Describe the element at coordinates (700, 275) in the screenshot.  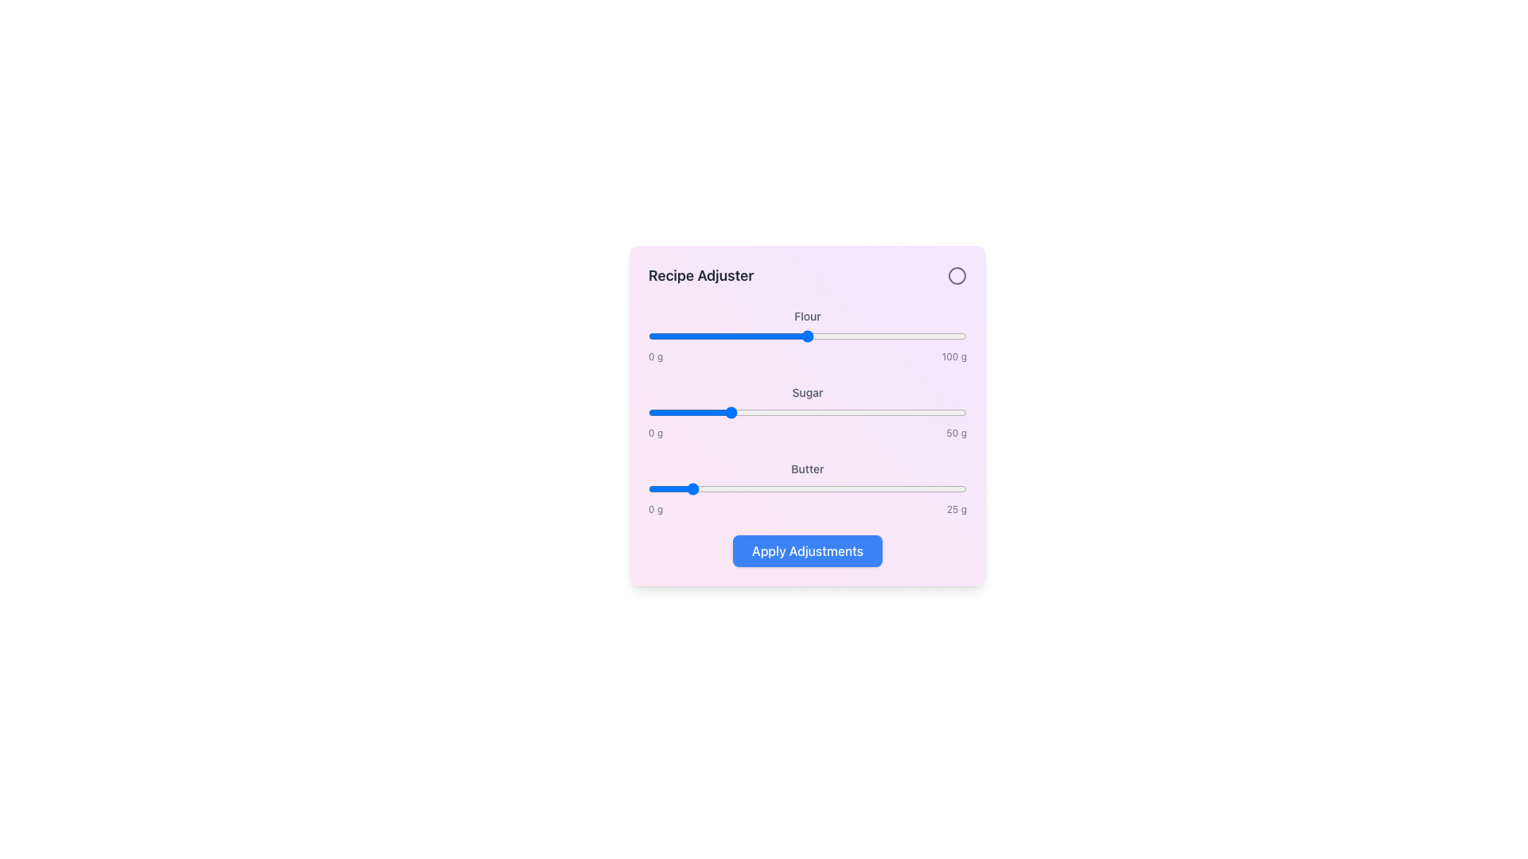
I see `the static text label displaying 'Recipe Adjuster', which is prominently positioned at the top left corner of the adjustment panel interface` at that location.